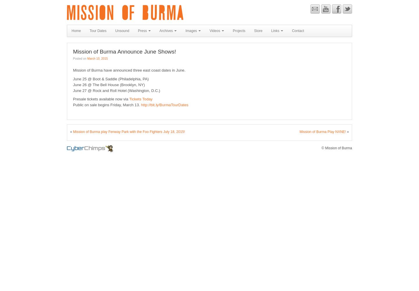 The width and height of the screenshot is (419, 291). Describe the element at coordinates (337, 148) in the screenshot. I see `'© Mission of Burma'` at that location.